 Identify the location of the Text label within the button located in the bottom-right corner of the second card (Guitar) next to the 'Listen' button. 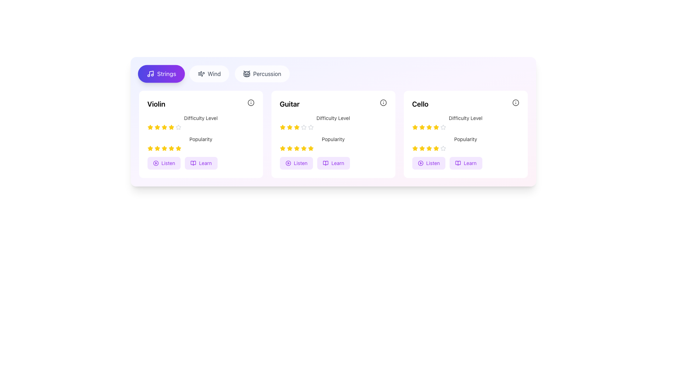
(337, 163).